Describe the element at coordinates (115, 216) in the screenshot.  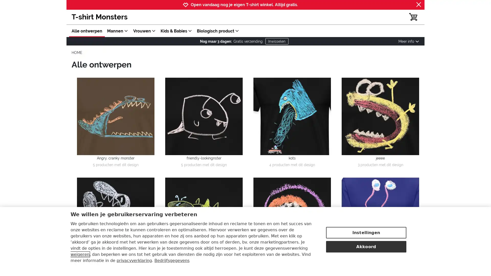
I see `Livid little dragon - Mannen Premium T-shirt` at that location.